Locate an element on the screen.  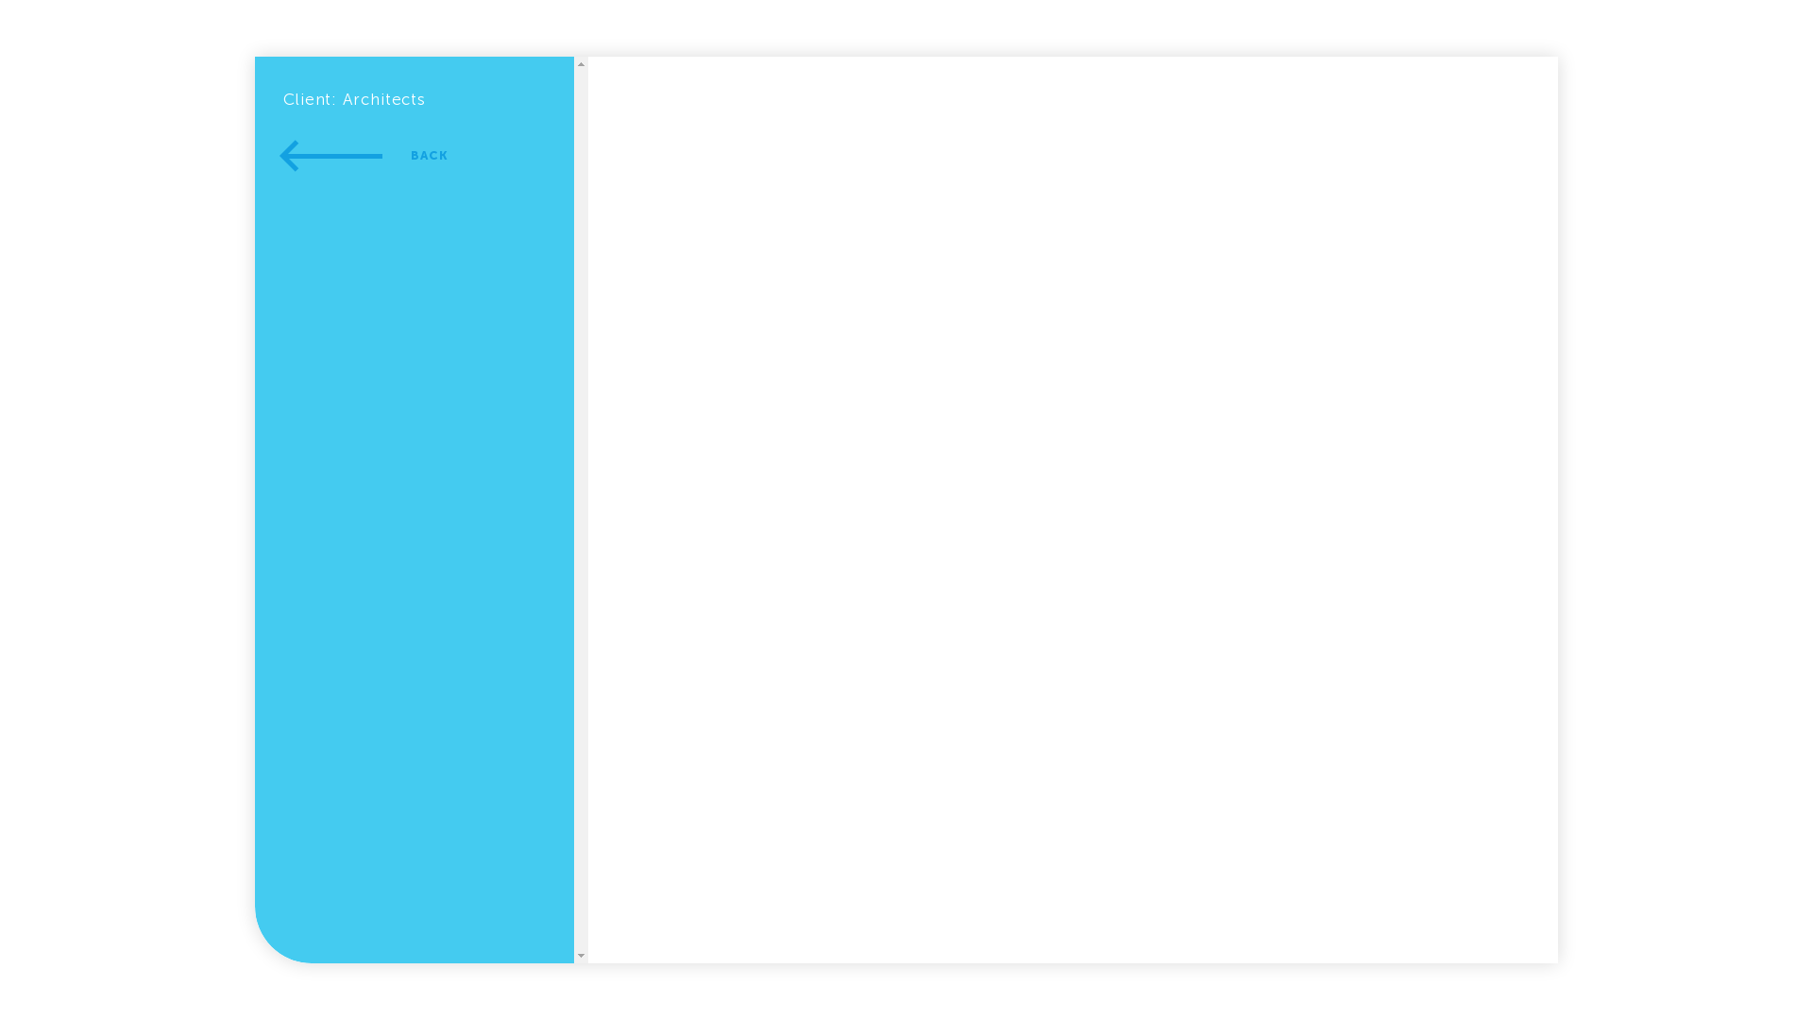
'BACK' is located at coordinates (365, 155).